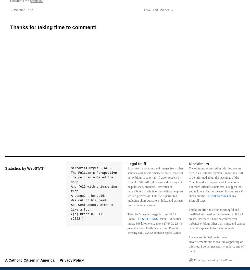 The width and height of the screenshot is (250, 270). Describe the element at coordinates (53, 27) in the screenshot. I see `'Thanks for taking time to comment!'` at that location.